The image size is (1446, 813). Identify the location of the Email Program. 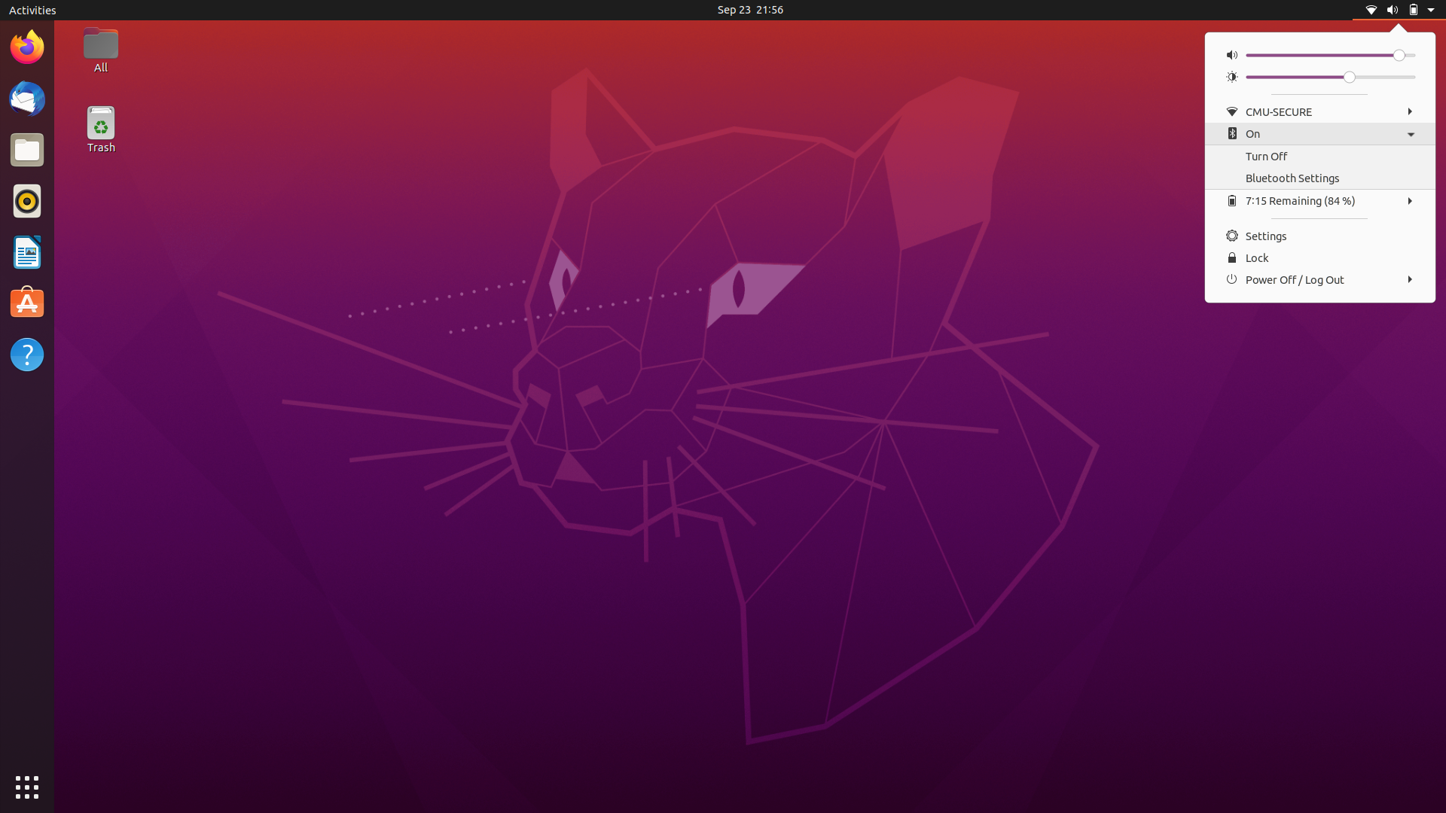
(26, 99).